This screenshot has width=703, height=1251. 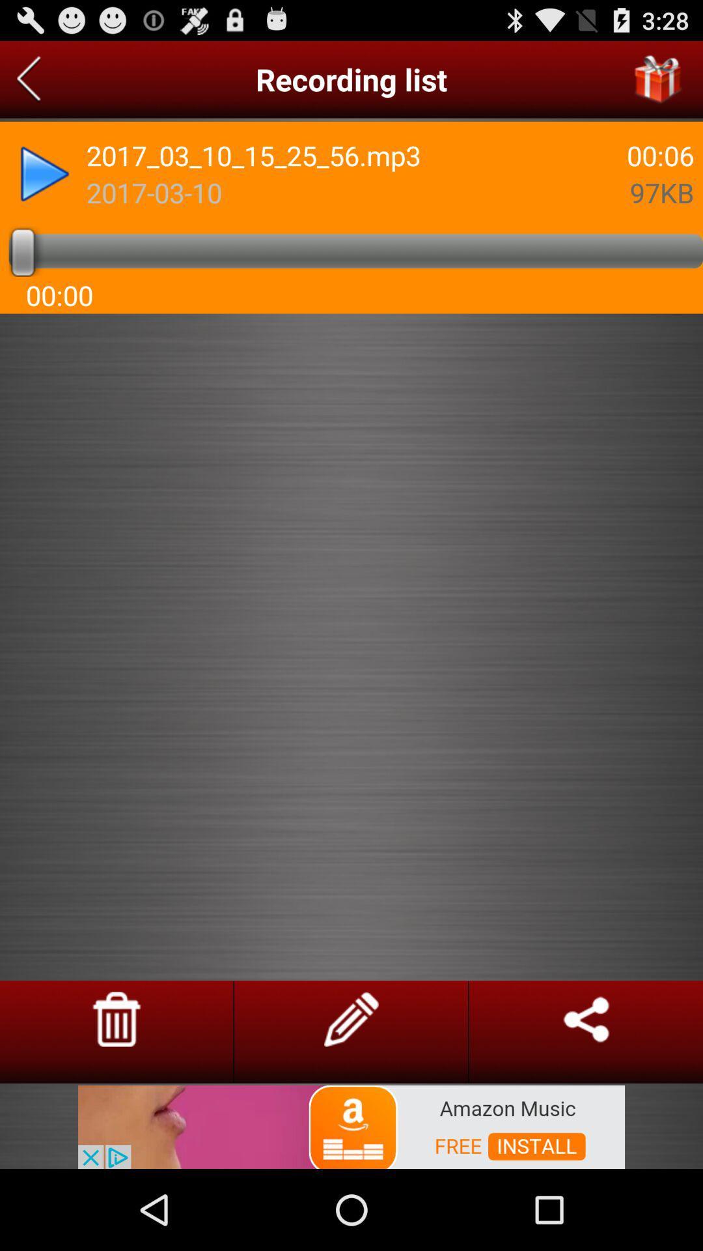 What do you see at coordinates (29, 84) in the screenshot?
I see `the arrow_backward icon` at bounding box center [29, 84].